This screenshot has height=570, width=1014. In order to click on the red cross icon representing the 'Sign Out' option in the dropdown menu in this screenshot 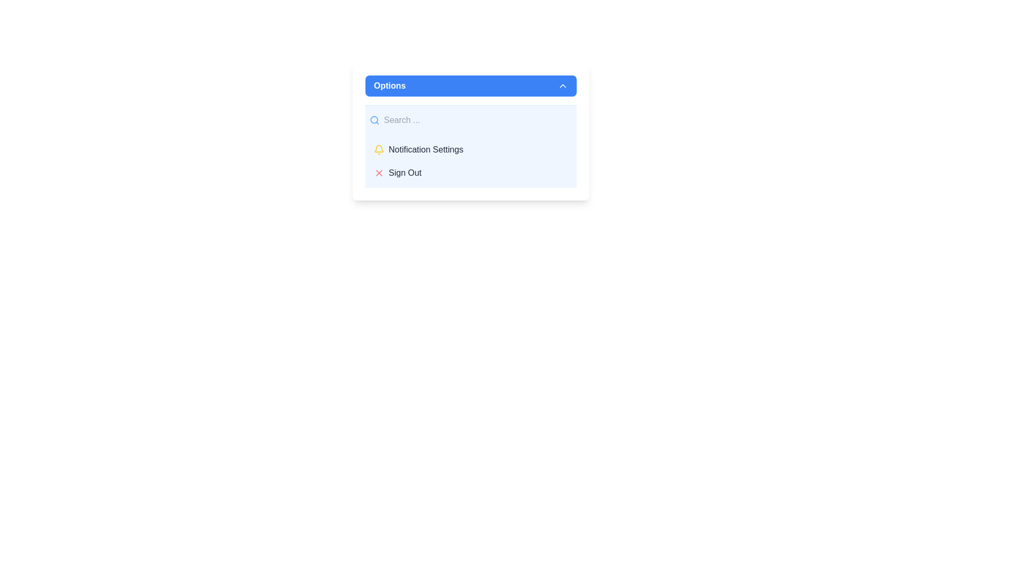, I will do `click(379, 172)`.